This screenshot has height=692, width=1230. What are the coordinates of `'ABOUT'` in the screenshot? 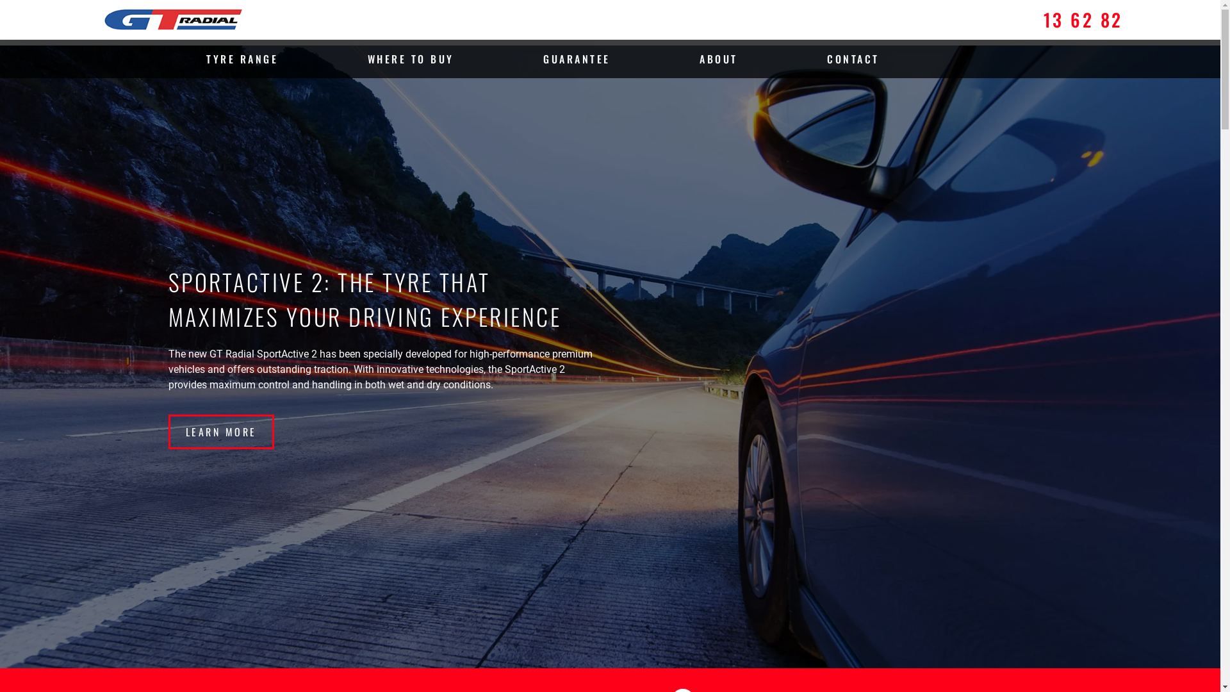 It's located at (719, 59).